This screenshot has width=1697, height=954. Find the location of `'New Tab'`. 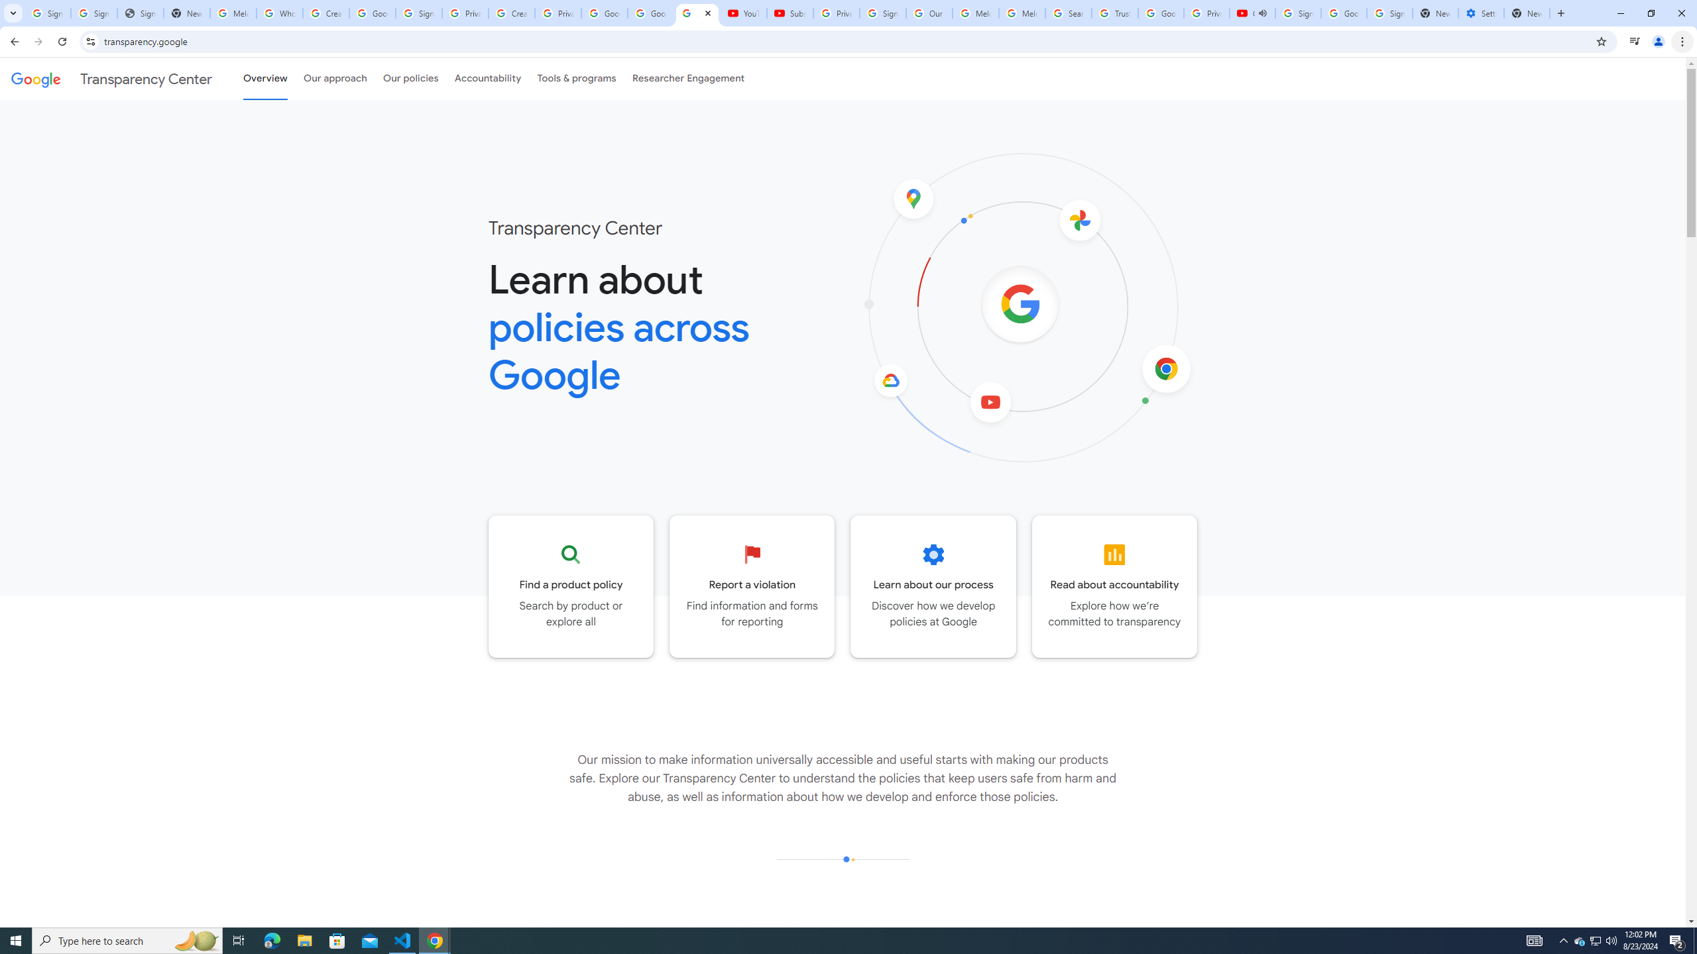

'New Tab' is located at coordinates (1527, 13).